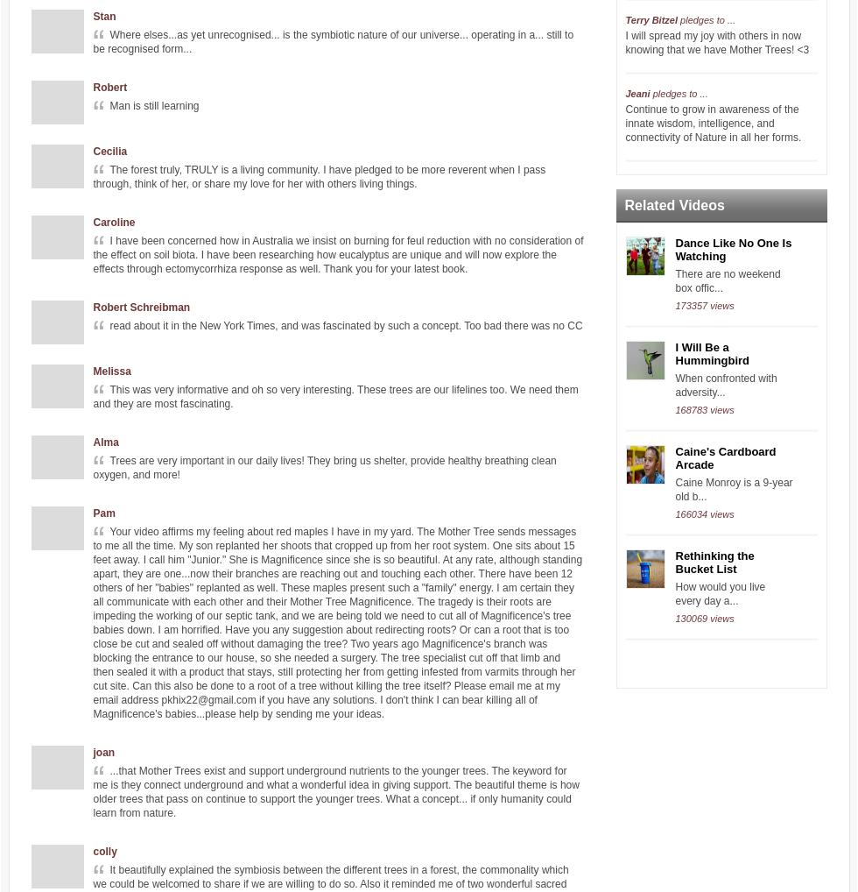  I want to click on 'continue to share about seed saving and the importance of revitalizing our soils.', so click(720, 466).